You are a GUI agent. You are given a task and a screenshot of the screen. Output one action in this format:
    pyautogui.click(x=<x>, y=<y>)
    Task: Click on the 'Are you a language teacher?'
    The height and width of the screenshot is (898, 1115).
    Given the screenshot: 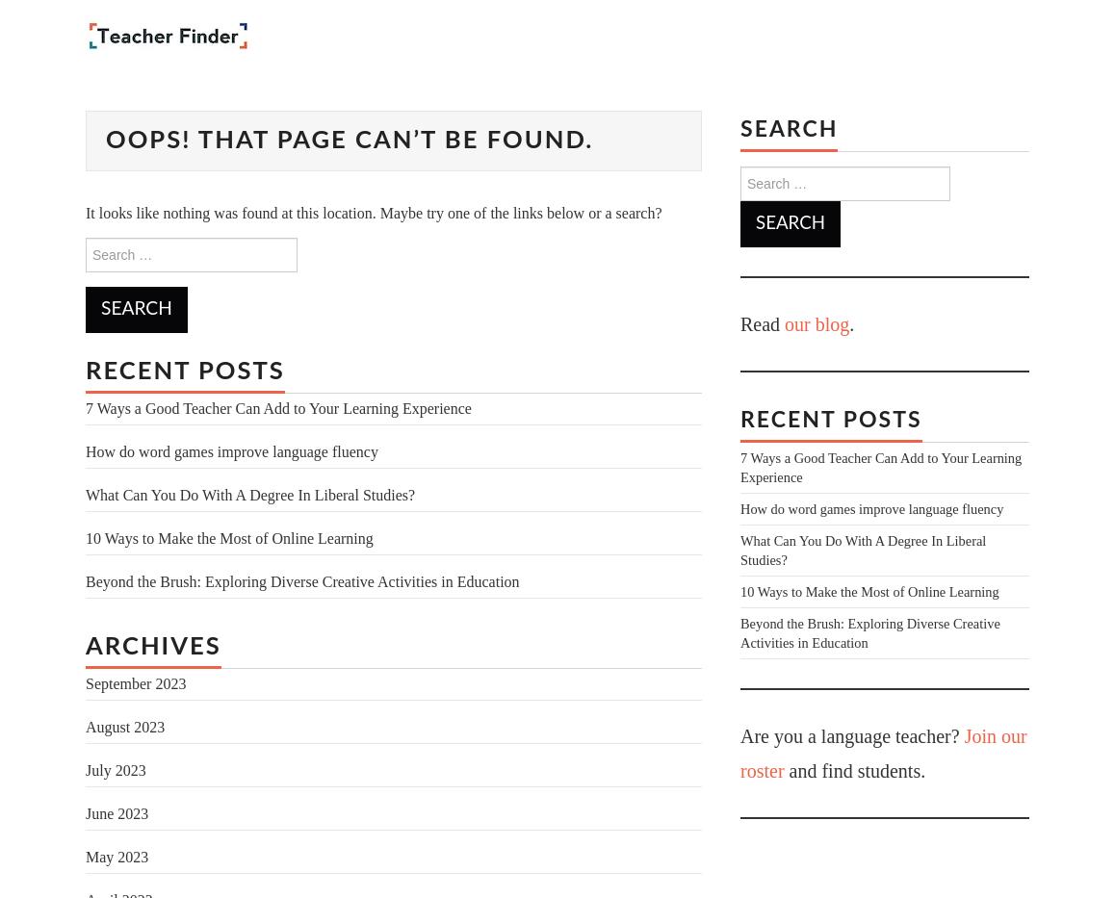 What is the action you would take?
    pyautogui.click(x=851, y=734)
    